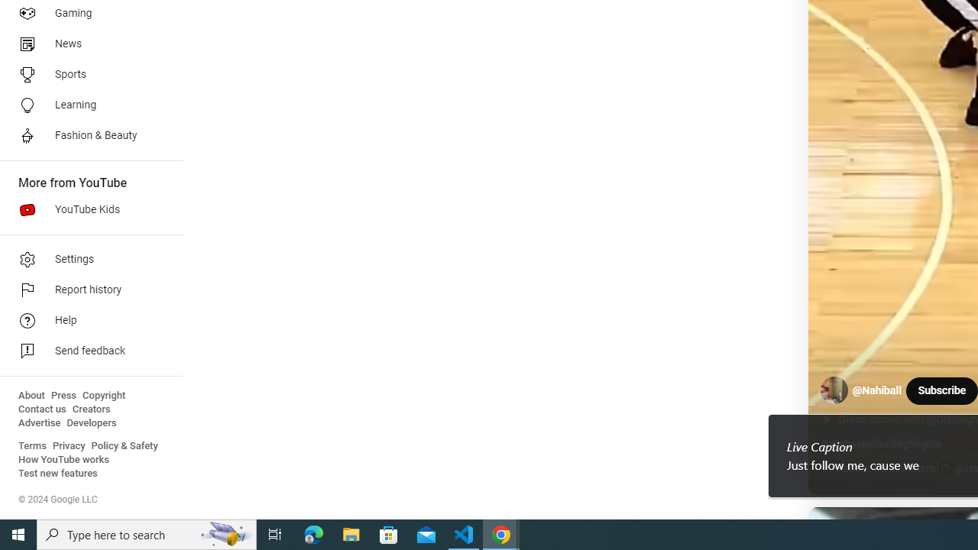  Describe the element at coordinates (880, 444) in the screenshot. I see `'#nbabasketballhighlights'` at that location.